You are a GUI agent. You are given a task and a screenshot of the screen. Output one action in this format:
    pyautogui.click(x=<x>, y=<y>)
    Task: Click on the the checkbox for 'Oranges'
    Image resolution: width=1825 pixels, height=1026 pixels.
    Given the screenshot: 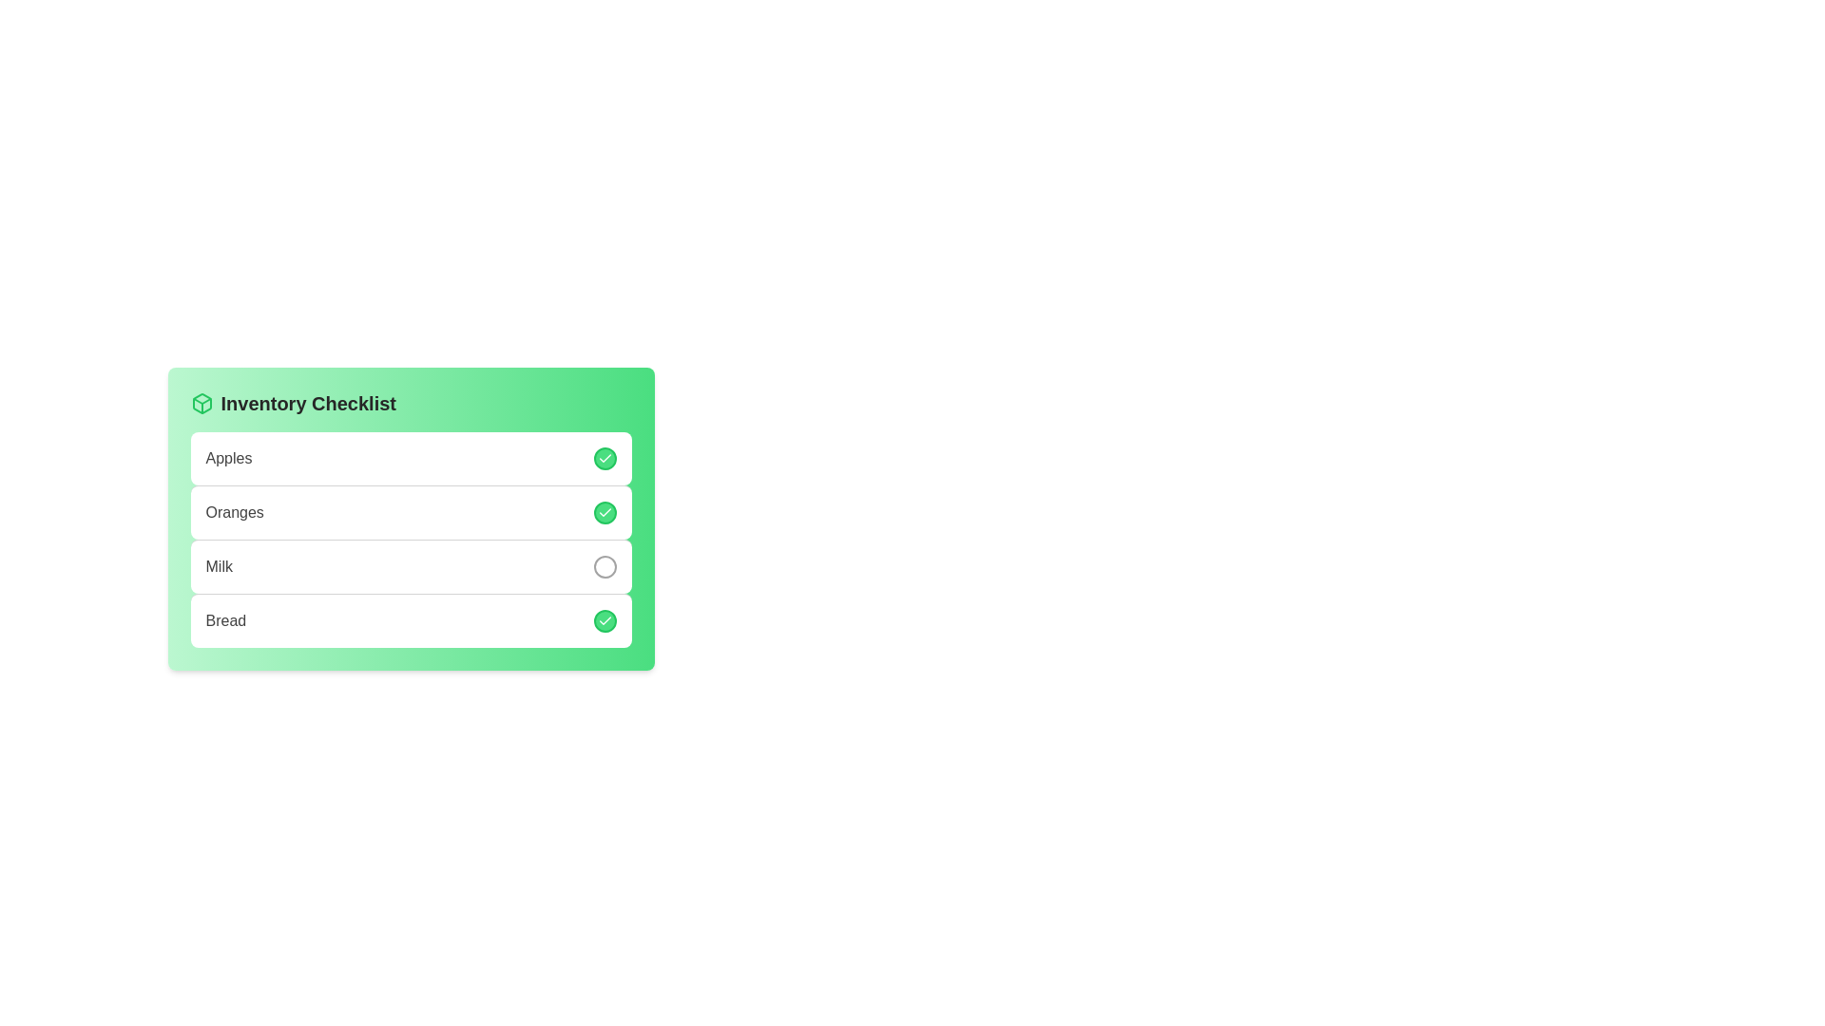 What is the action you would take?
    pyautogui.click(x=410, y=519)
    